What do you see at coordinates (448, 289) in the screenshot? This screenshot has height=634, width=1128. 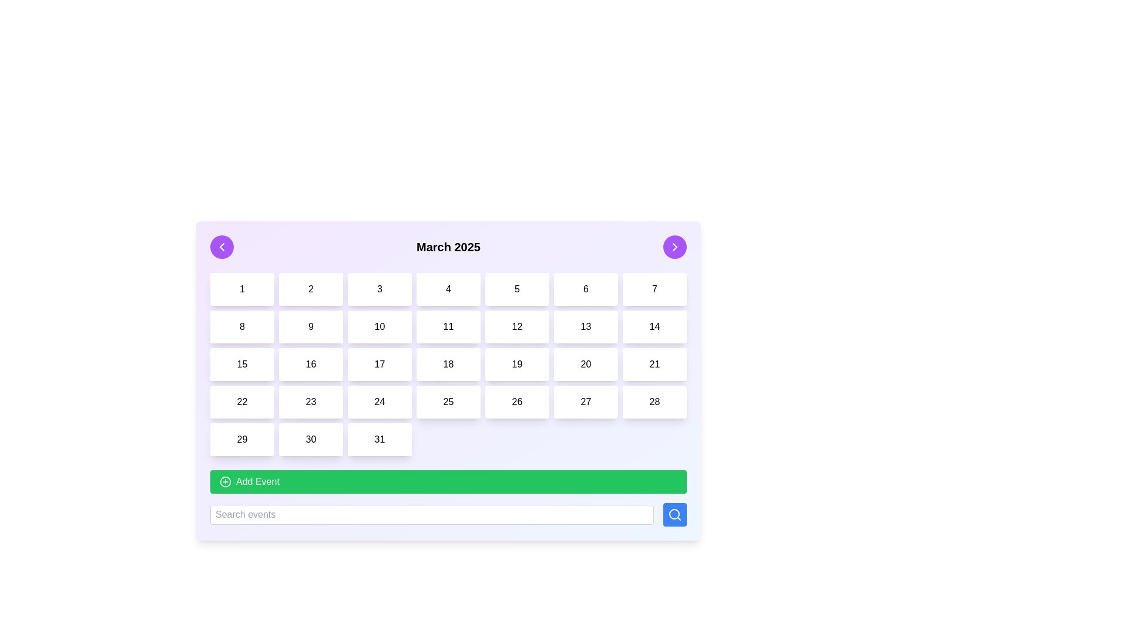 I see `the button-like element representing the calendar day '4', which is a square card with a white background and a bold black number '4' centered within it` at bounding box center [448, 289].